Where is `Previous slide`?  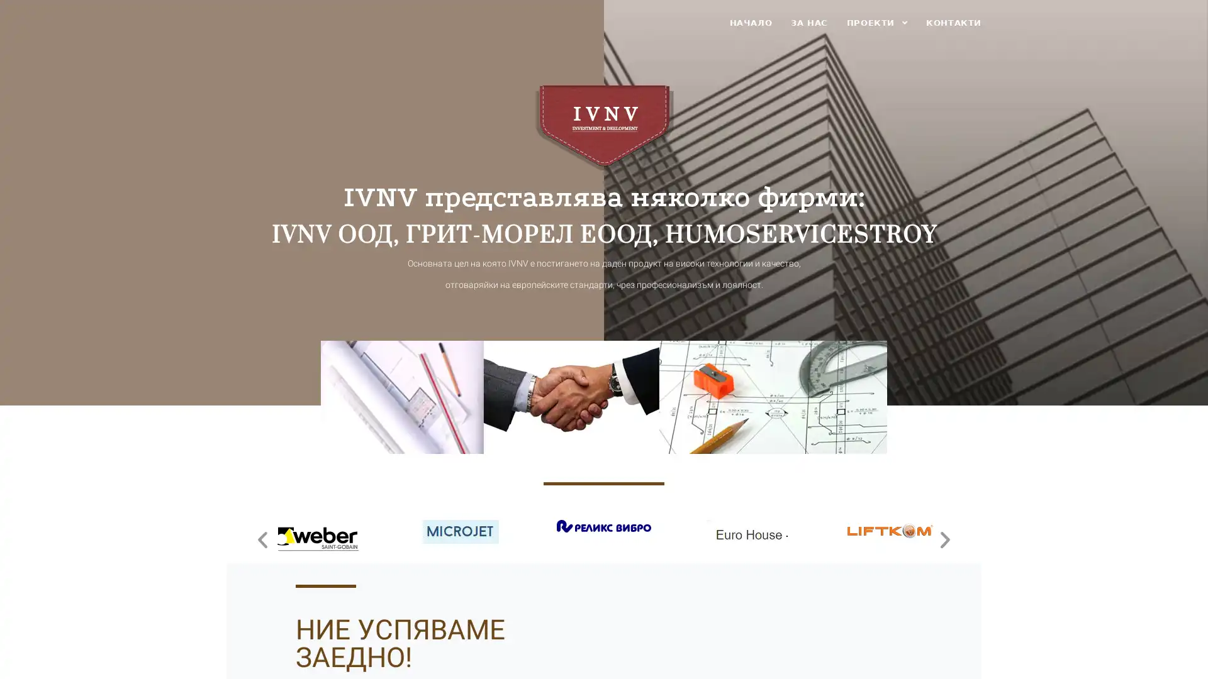 Previous slide is located at coordinates (262, 538).